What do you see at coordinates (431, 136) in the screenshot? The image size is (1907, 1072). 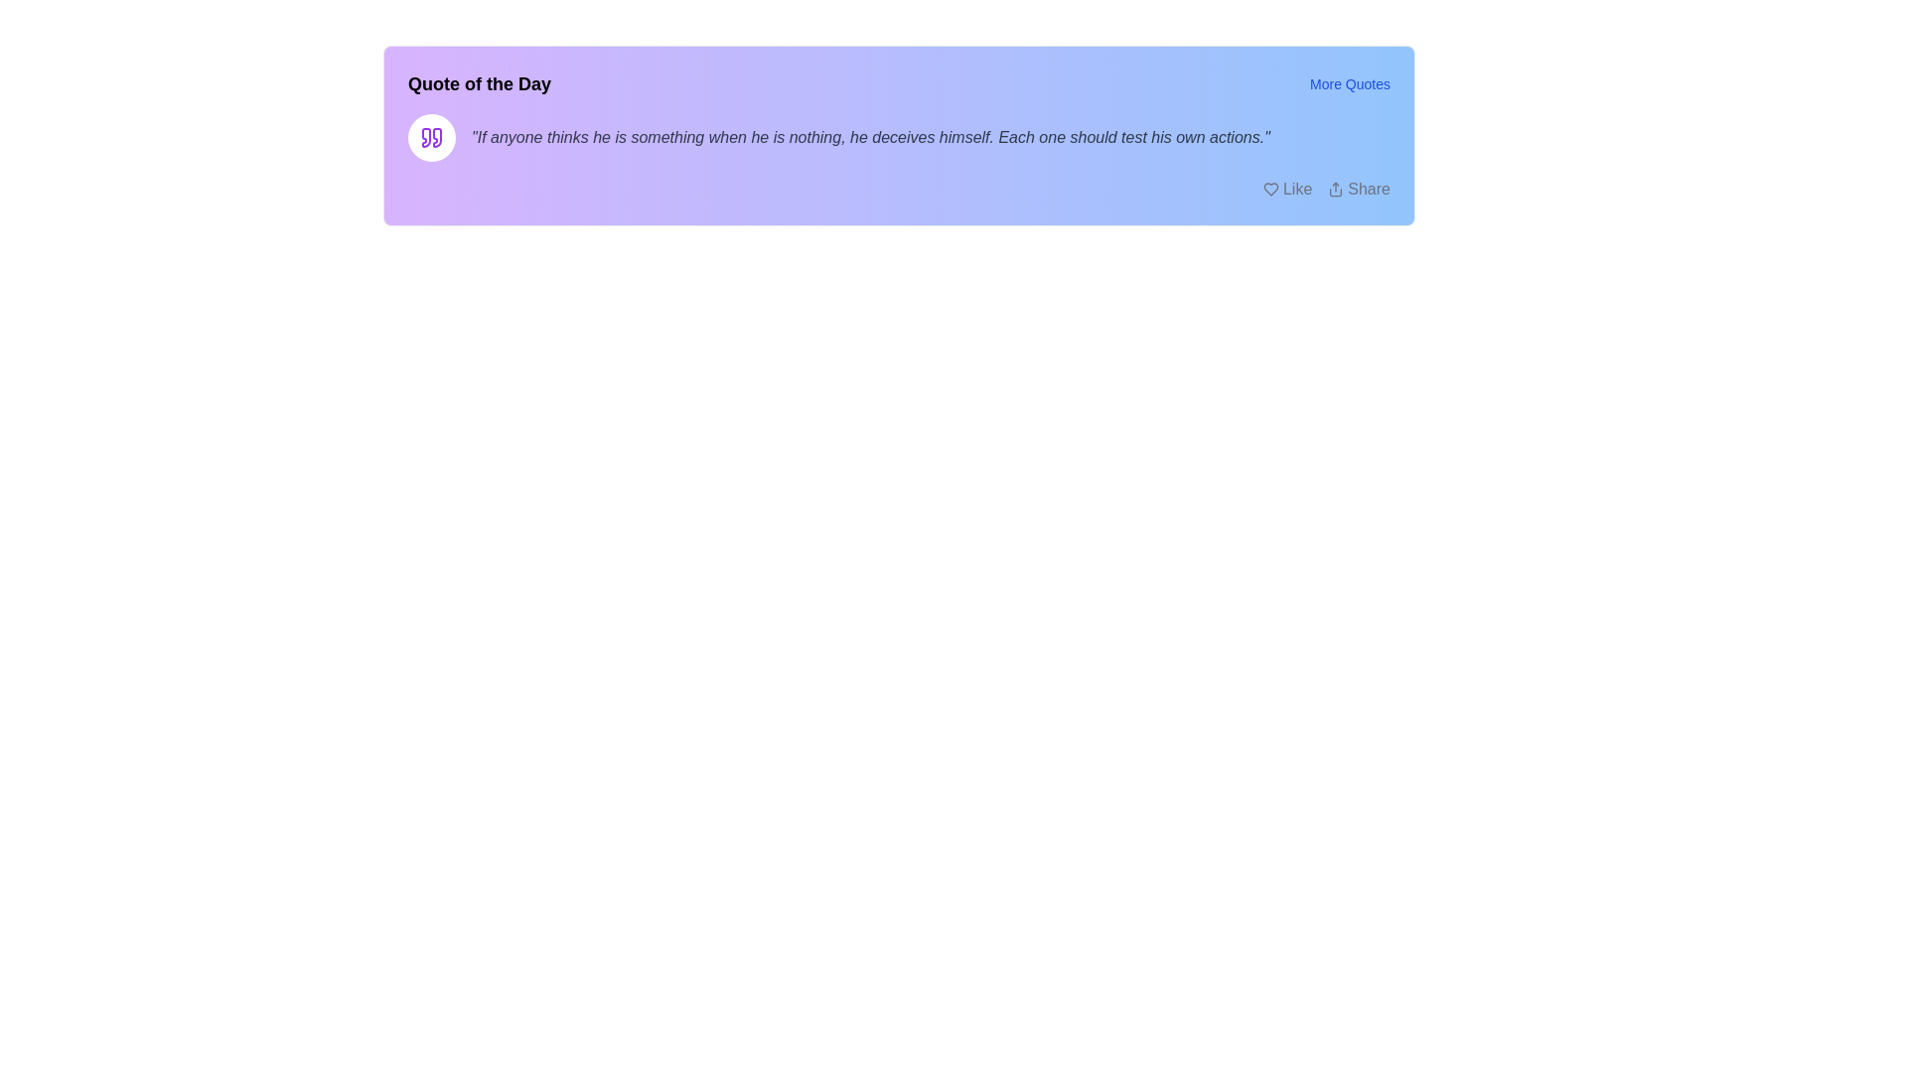 I see `the decorative icon representing the 'Quote of the Day' feature, located inside a circular white background under the title` at bounding box center [431, 136].